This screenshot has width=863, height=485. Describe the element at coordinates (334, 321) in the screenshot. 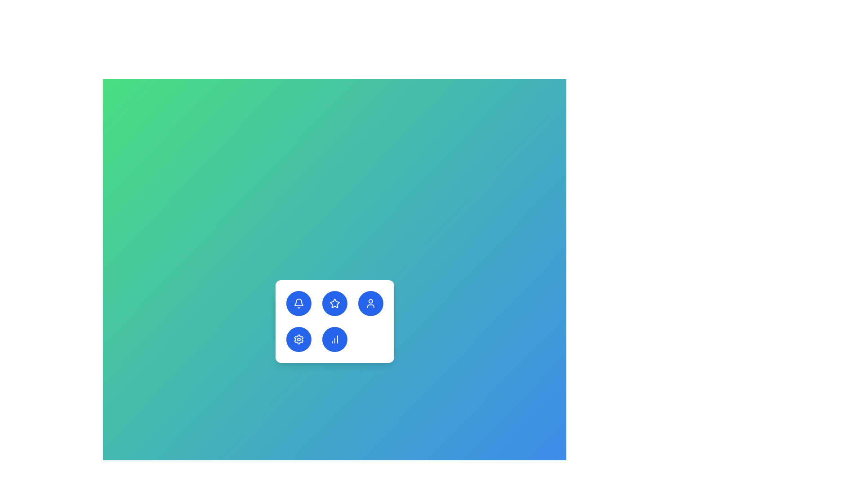

I see `the button located in the second column of the second row of the grid layout within a white card element` at that location.